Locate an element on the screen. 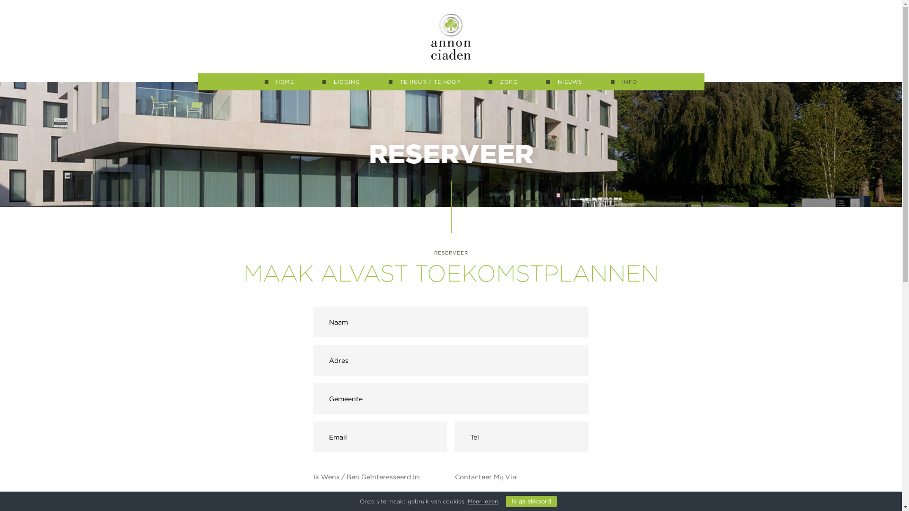  'HOME' is located at coordinates (279, 81).